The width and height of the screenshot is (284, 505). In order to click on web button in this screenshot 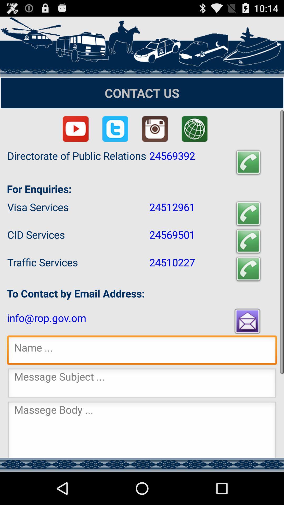, I will do `click(194, 129)`.